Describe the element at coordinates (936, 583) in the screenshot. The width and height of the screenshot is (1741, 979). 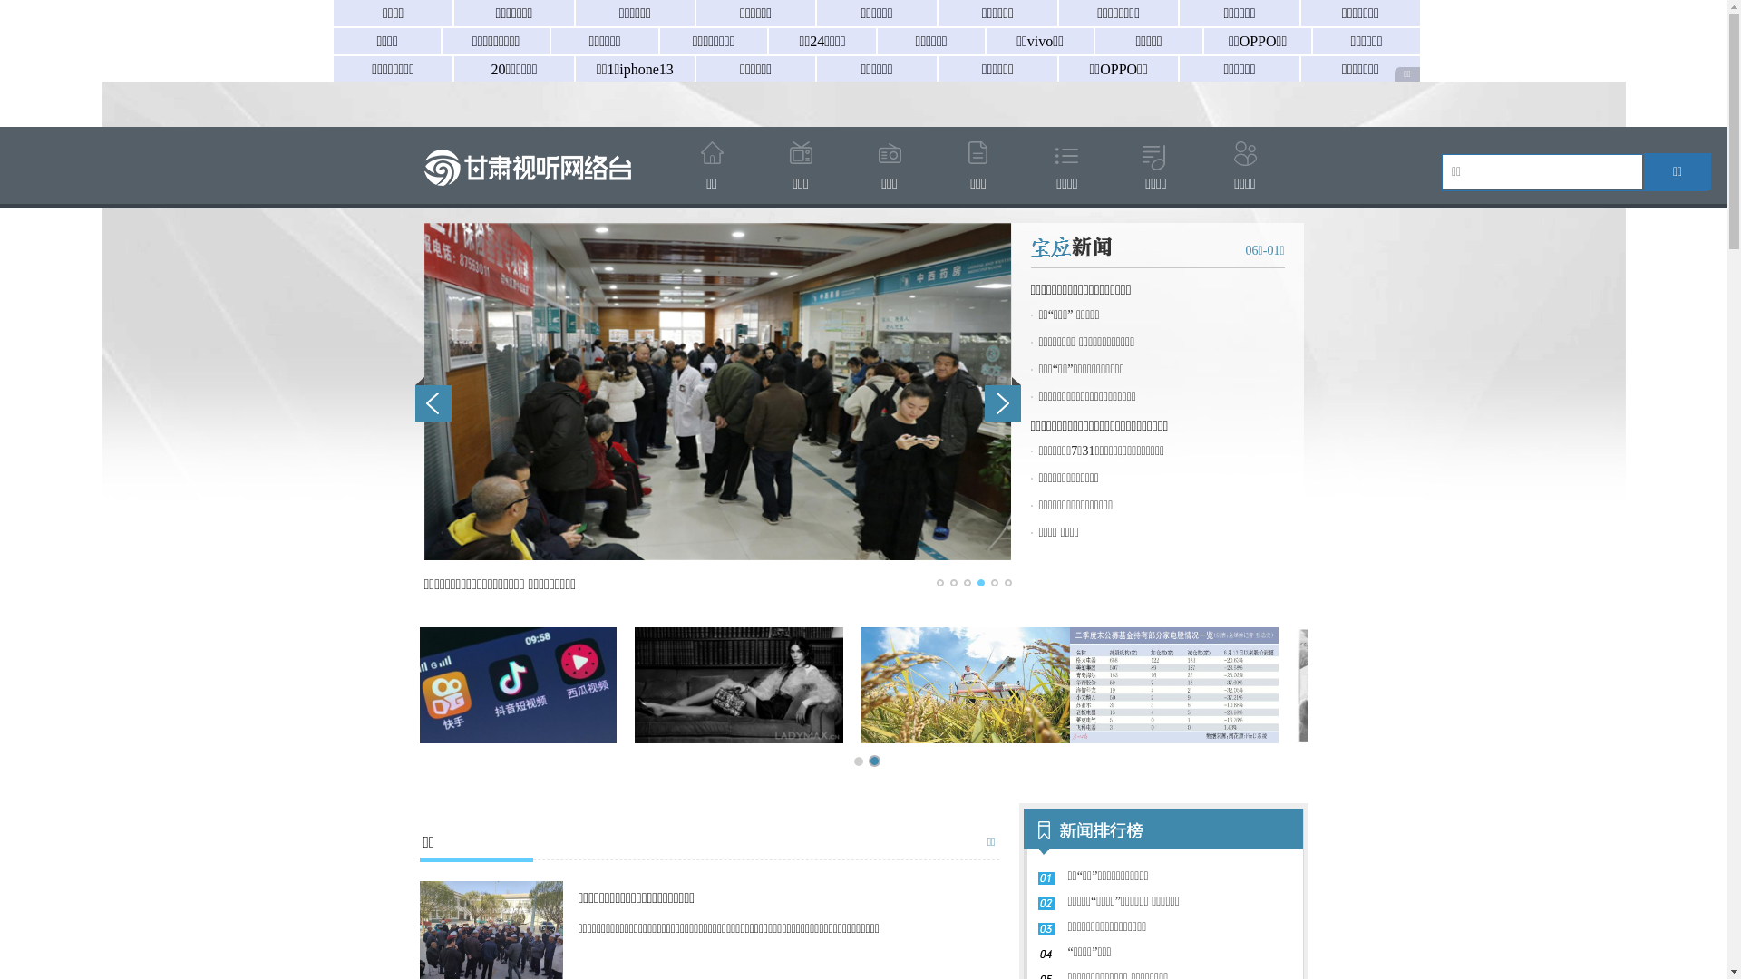
I see `'1'` at that location.